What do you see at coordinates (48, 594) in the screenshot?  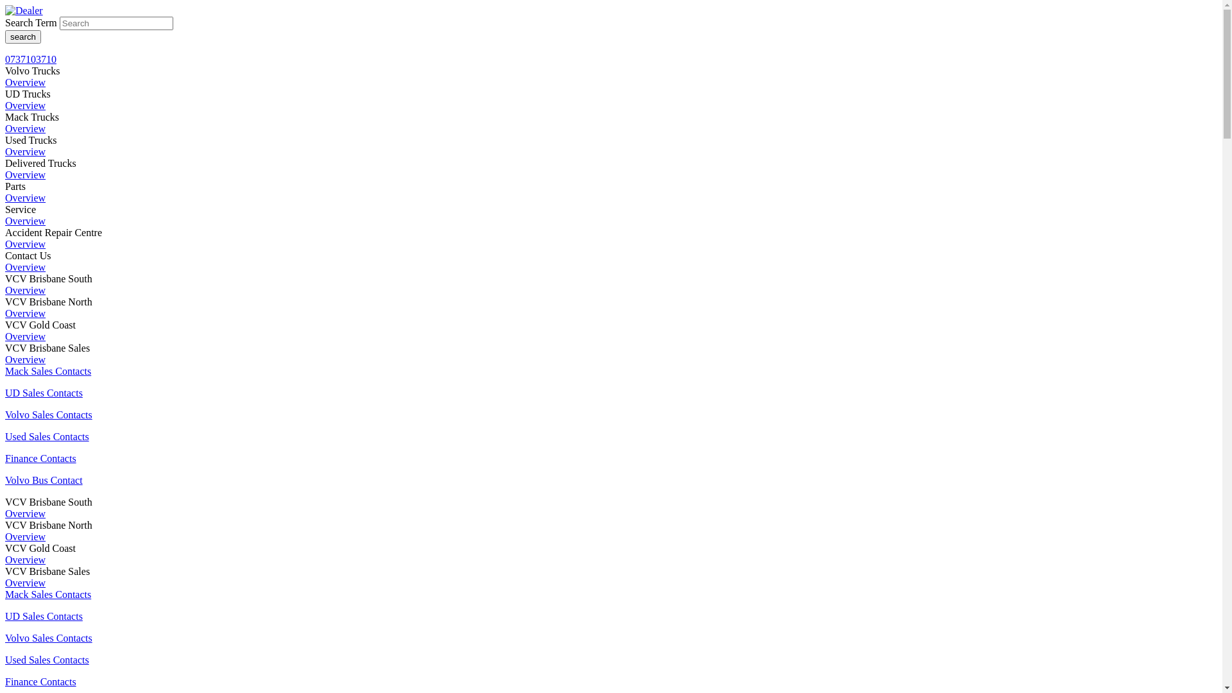 I see `'Mack Sales Contacts'` at bounding box center [48, 594].